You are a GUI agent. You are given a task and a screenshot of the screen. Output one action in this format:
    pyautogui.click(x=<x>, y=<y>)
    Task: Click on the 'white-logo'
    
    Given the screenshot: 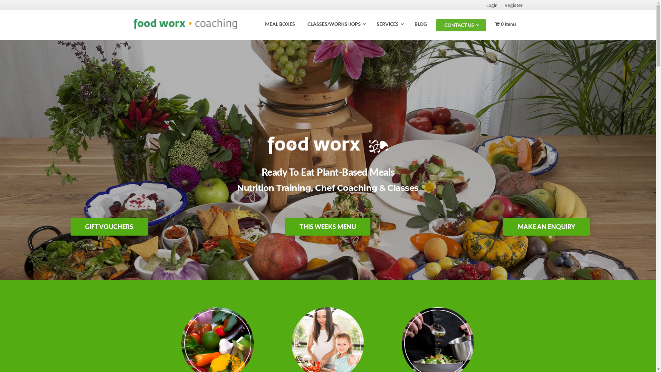 What is the action you would take?
    pyautogui.click(x=328, y=145)
    